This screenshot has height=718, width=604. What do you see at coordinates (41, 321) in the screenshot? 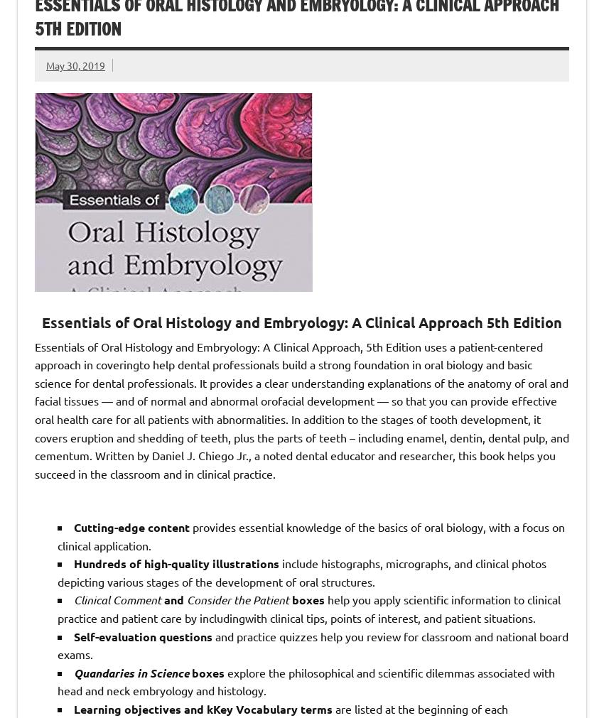
I see `'Essentials of Oral Histology and Embryology: A Clinical Approach'` at bounding box center [41, 321].